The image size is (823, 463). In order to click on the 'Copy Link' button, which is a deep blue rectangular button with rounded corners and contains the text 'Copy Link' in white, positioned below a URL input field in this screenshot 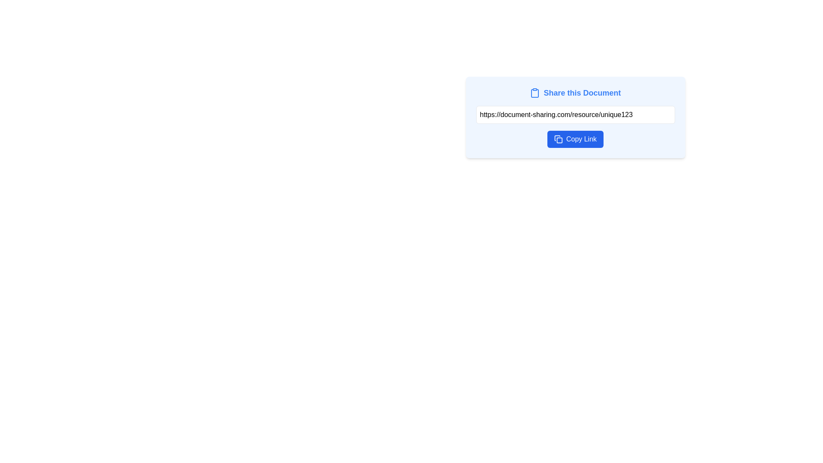, I will do `click(575, 138)`.